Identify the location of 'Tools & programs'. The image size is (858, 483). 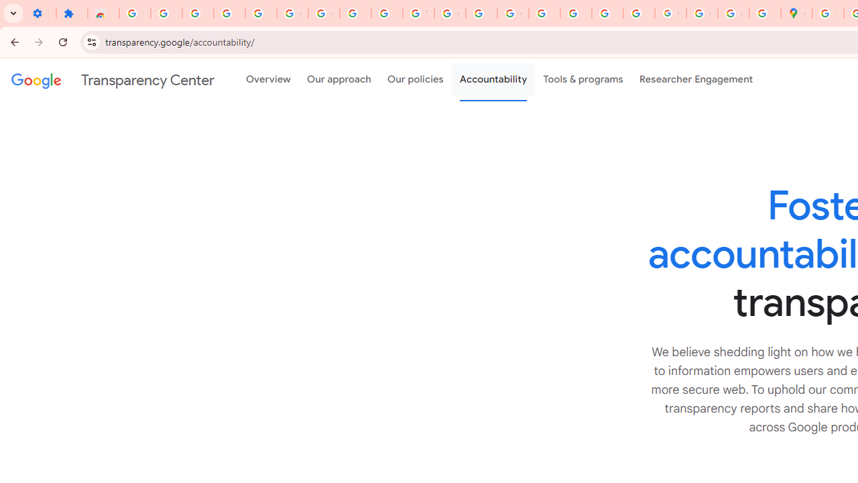
(583, 80).